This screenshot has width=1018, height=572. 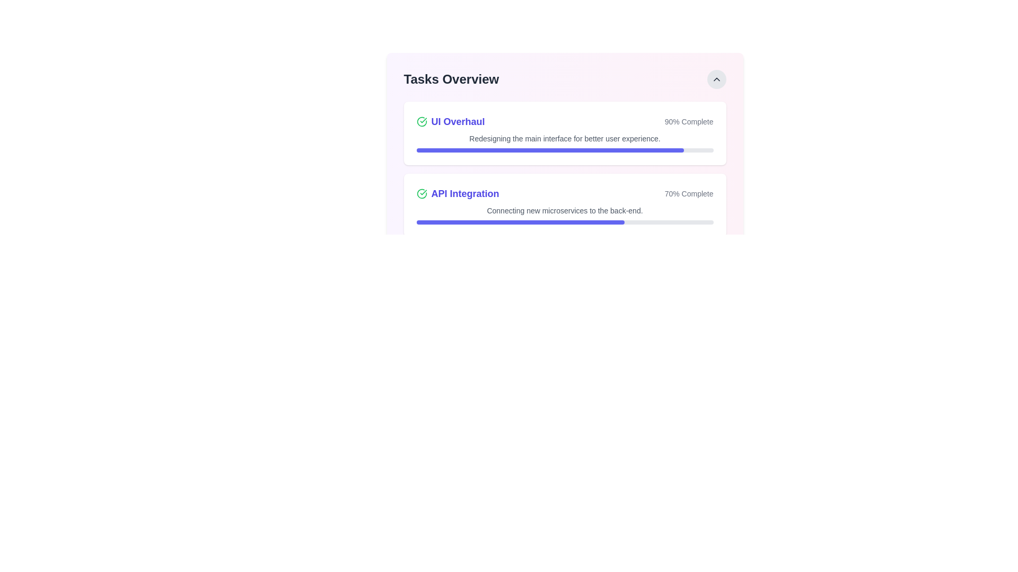 What do you see at coordinates (421, 194) in the screenshot?
I see `the SVG visual icon (circle checkmark) indicating the completion of the 'API Integration' task, located at the top-left corner of the associated text` at bounding box center [421, 194].